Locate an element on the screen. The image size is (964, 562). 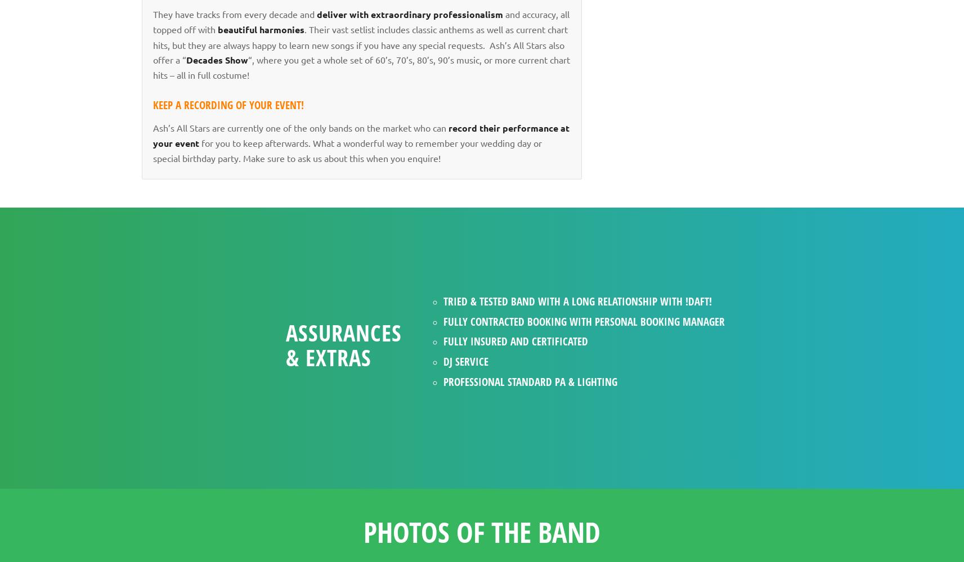
'“, where you get a whole set of 60’s, 70’s, 80’s, 90’s music, or more current chart hits – all in full costume!' is located at coordinates (152, 66).